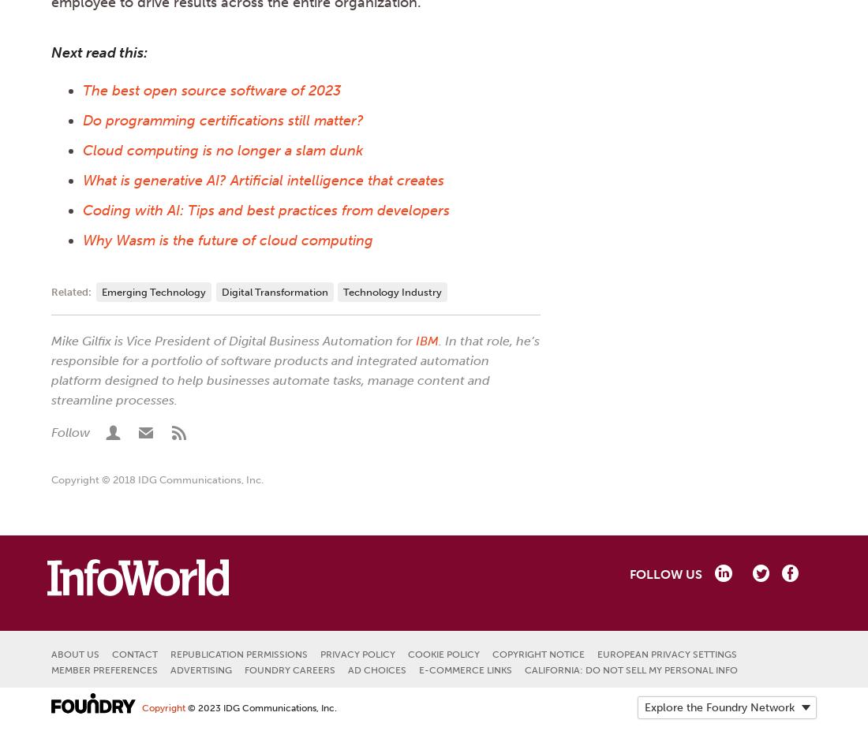 This screenshot has width=868, height=731. What do you see at coordinates (665, 573) in the screenshot?
I see `'Follow us'` at bounding box center [665, 573].